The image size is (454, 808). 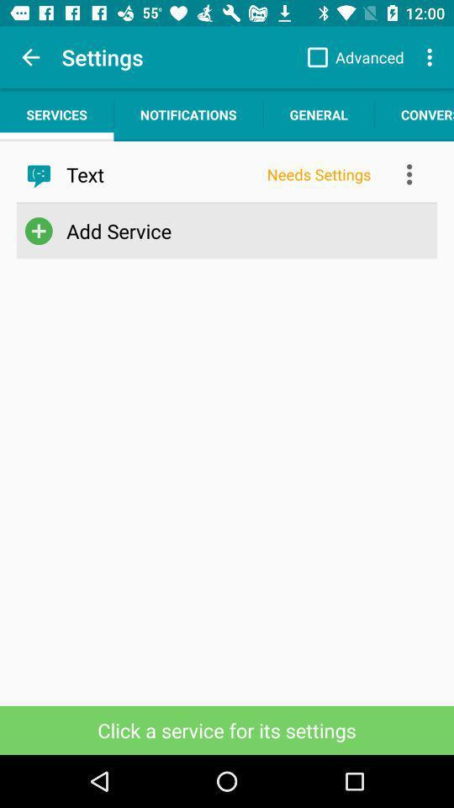 What do you see at coordinates (351, 57) in the screenshot?
I see `advanced icon` at bounding box center [351, 57].